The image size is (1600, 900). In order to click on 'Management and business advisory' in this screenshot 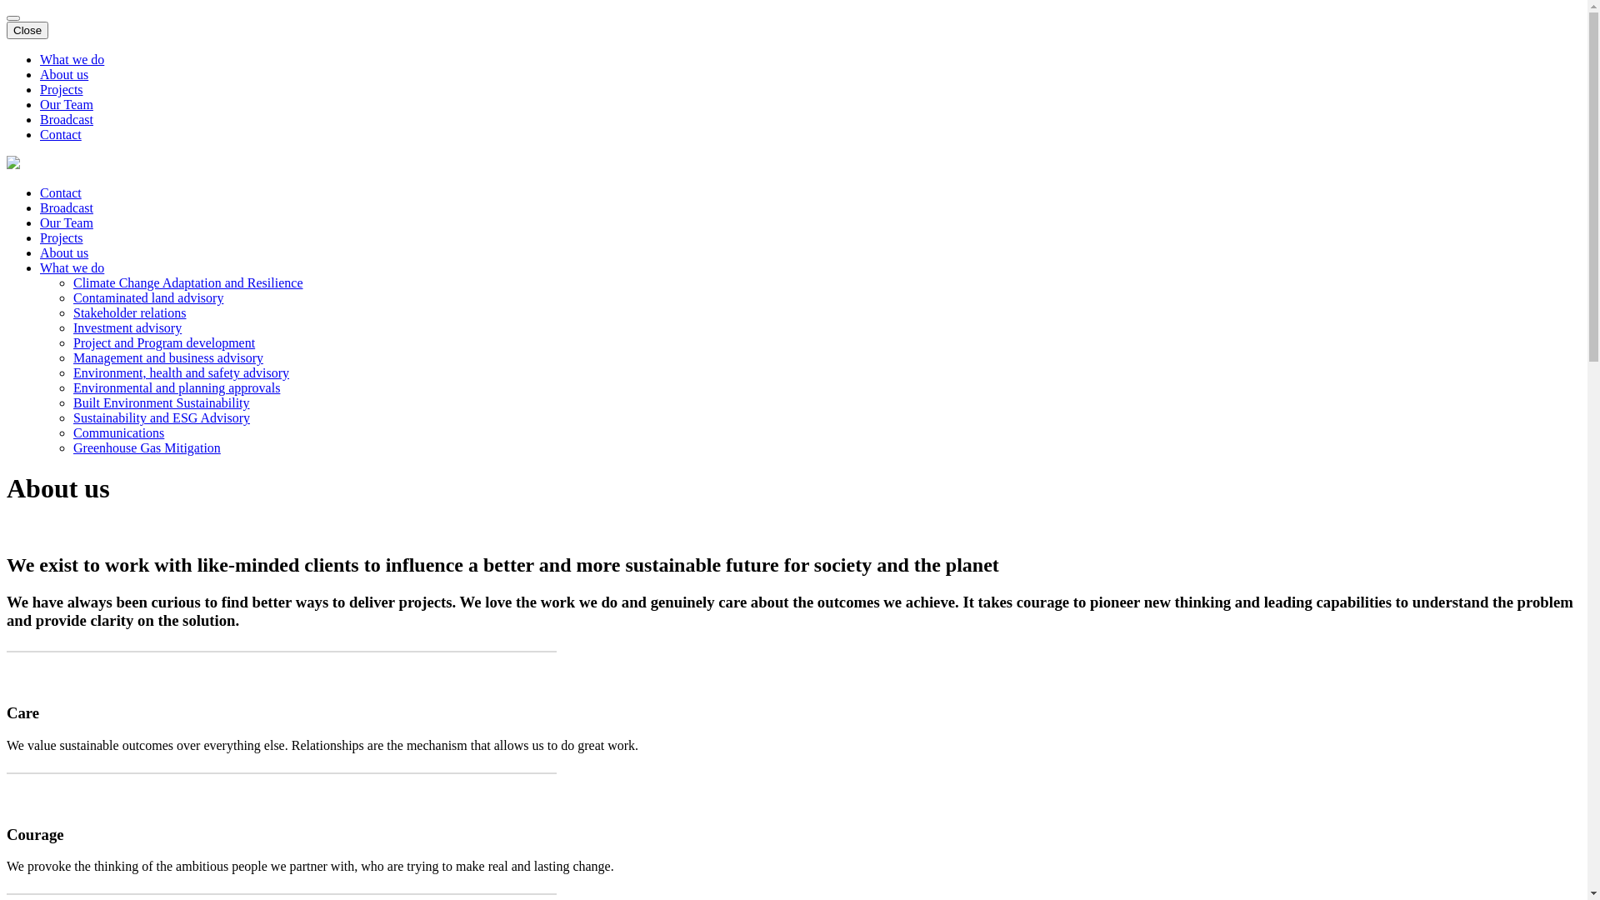, I will do `click(72, 357)`.